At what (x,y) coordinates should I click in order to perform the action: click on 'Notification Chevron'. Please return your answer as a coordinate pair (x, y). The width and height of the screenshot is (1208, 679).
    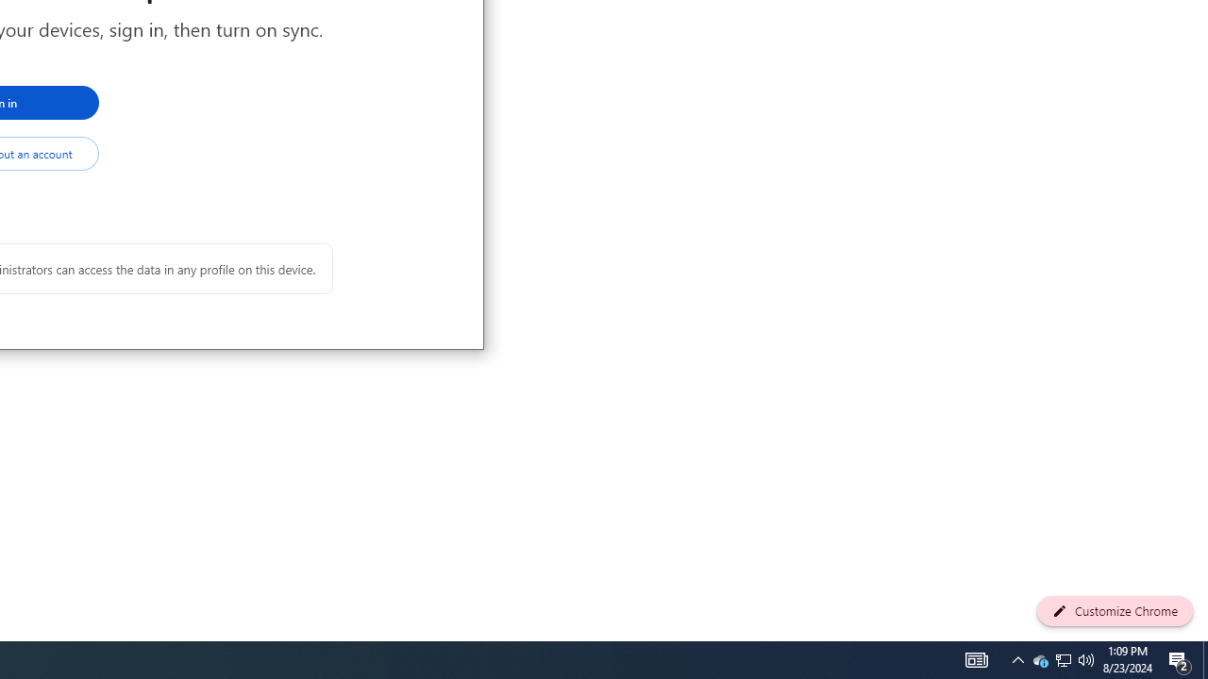
    Looking at the image, I should click on (1039, 658).